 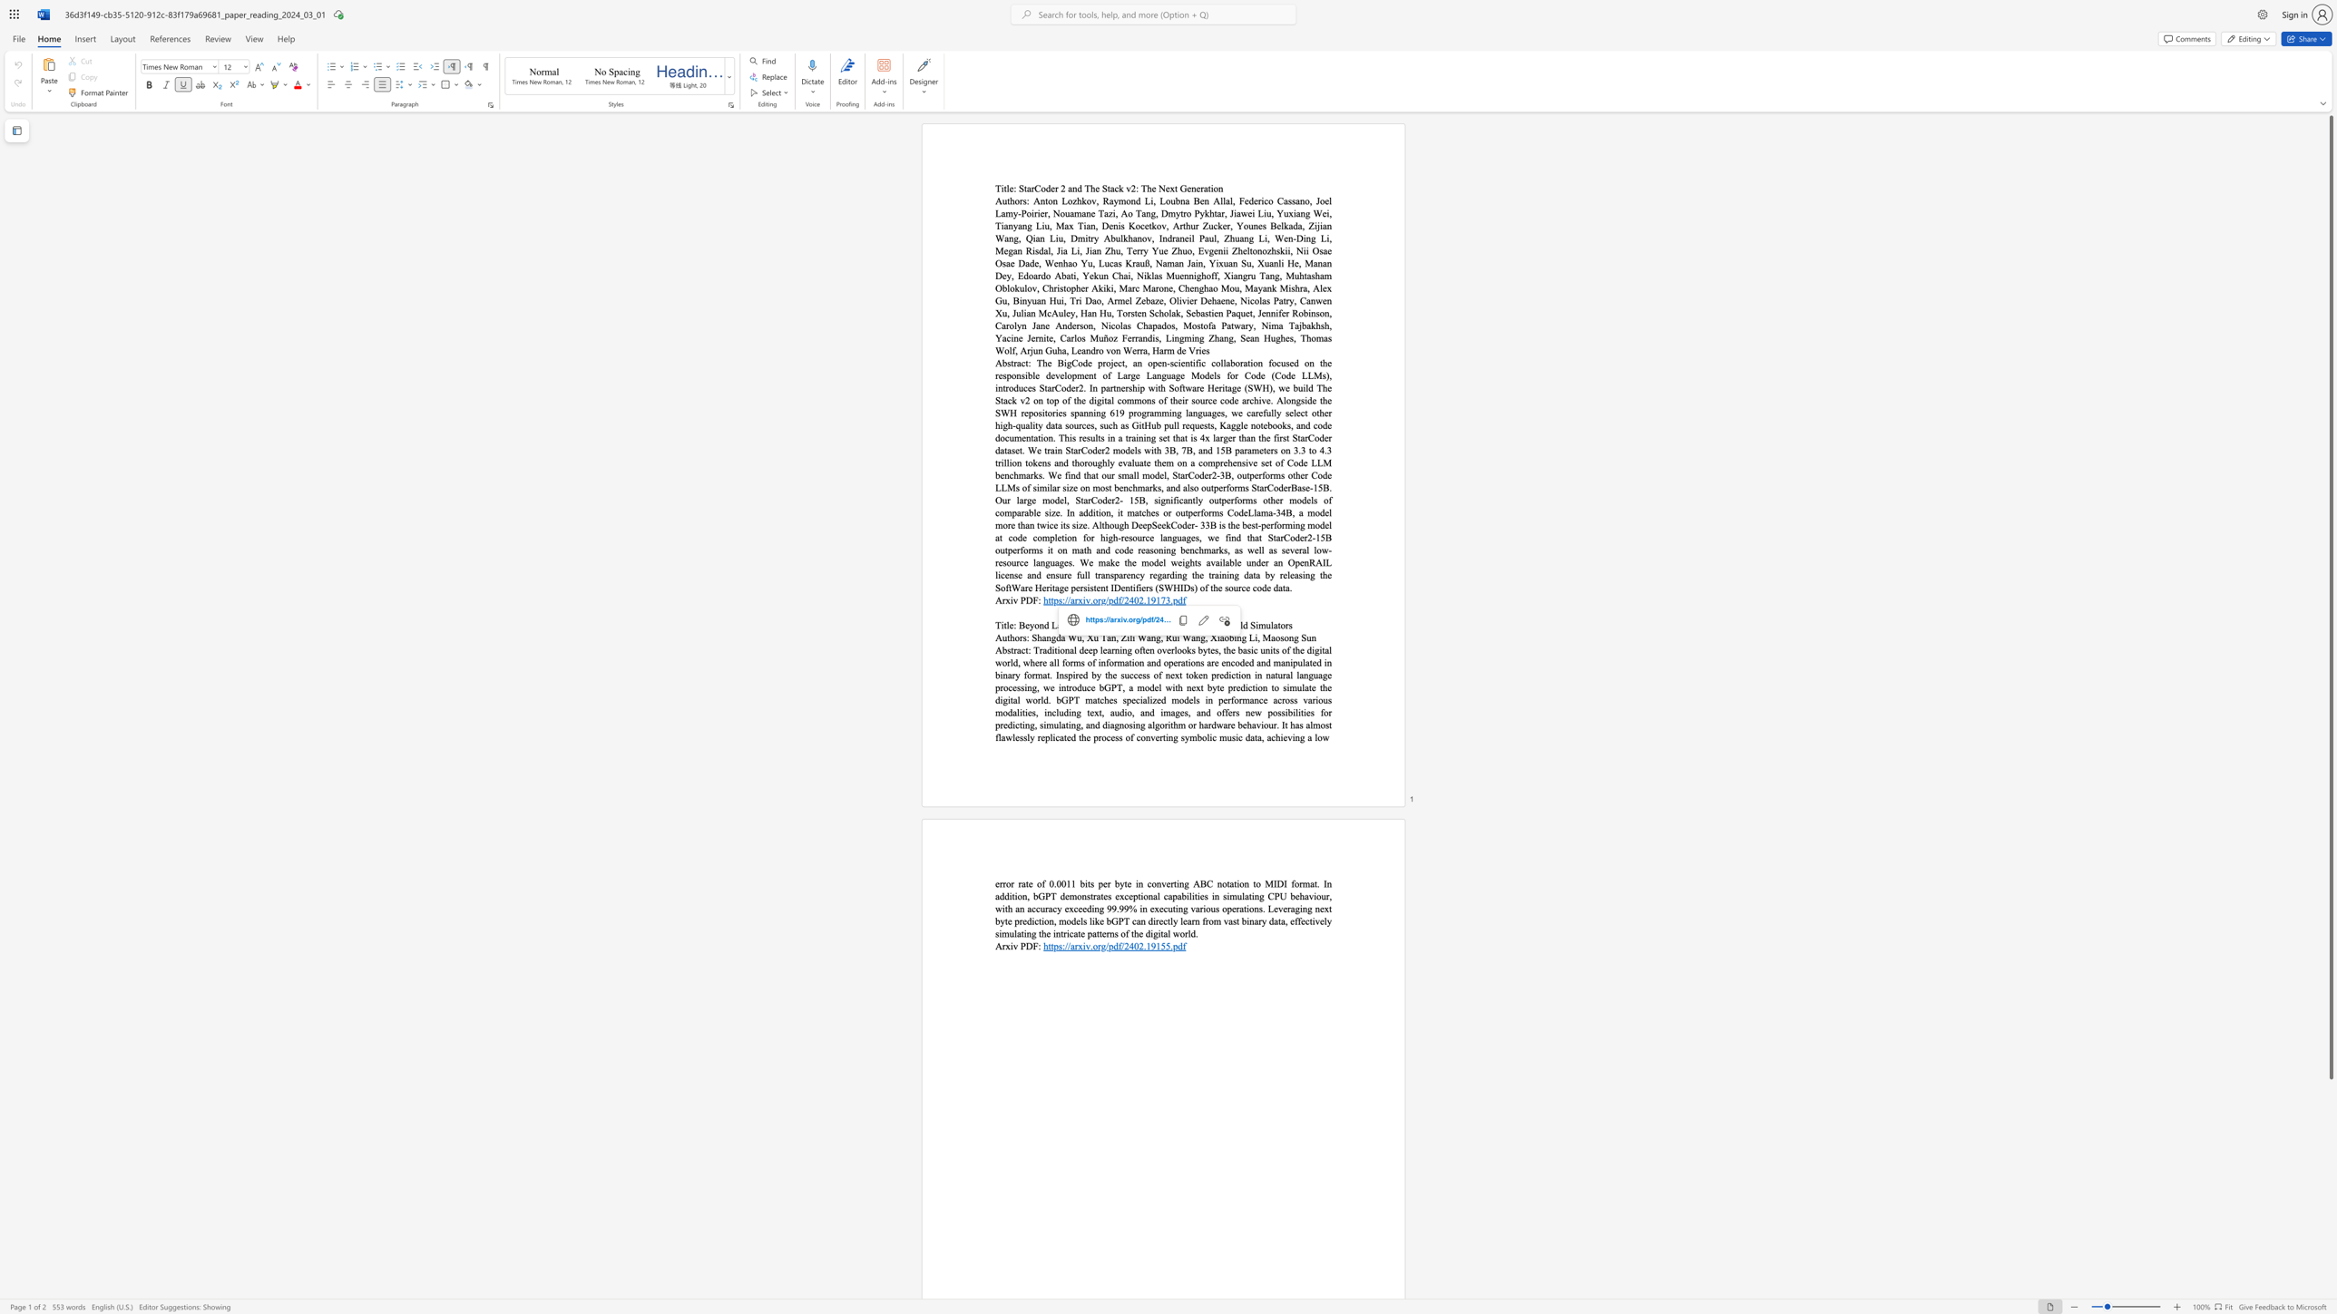 What do you see at coordinates (1123, 638) in the screenshot?
I see `the 1th character "Z" in the text` at bounding box center [1123, 638].